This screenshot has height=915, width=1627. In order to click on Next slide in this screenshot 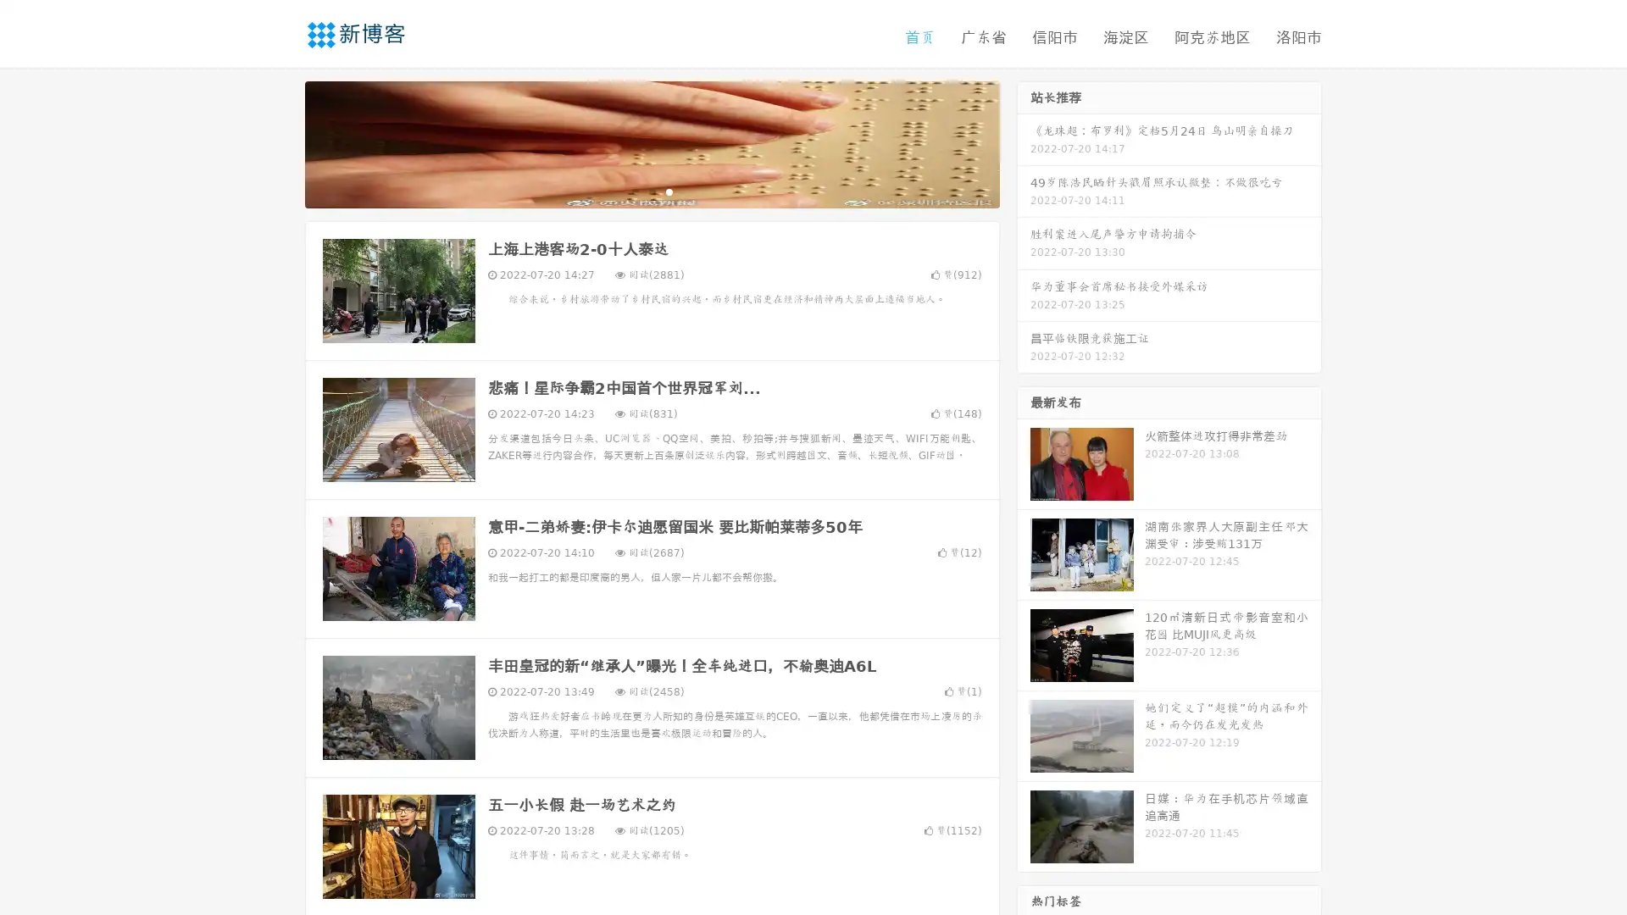, I will do `click(1024, 142)`.